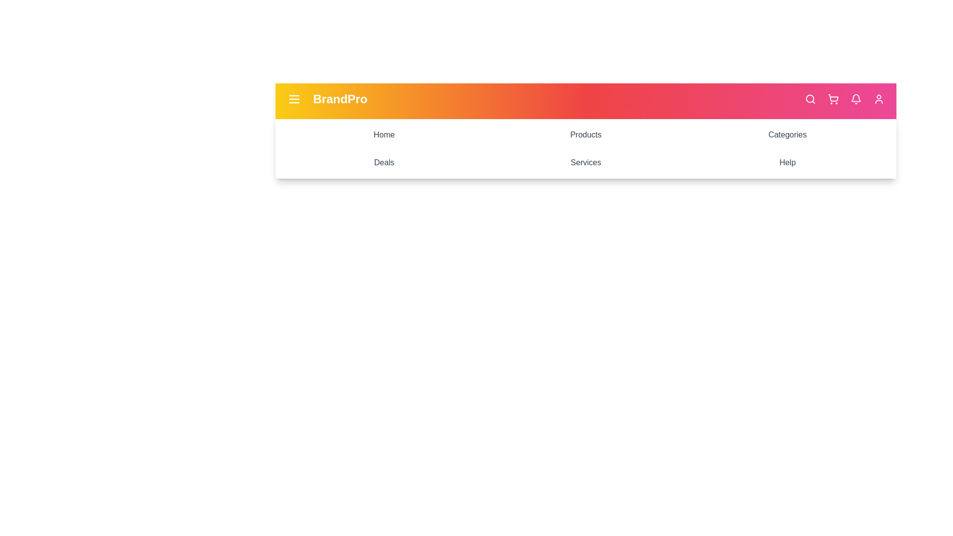 This screenshot has height=536, width=953. I want to click on the cart icon in the app bar, so click(833, 99).